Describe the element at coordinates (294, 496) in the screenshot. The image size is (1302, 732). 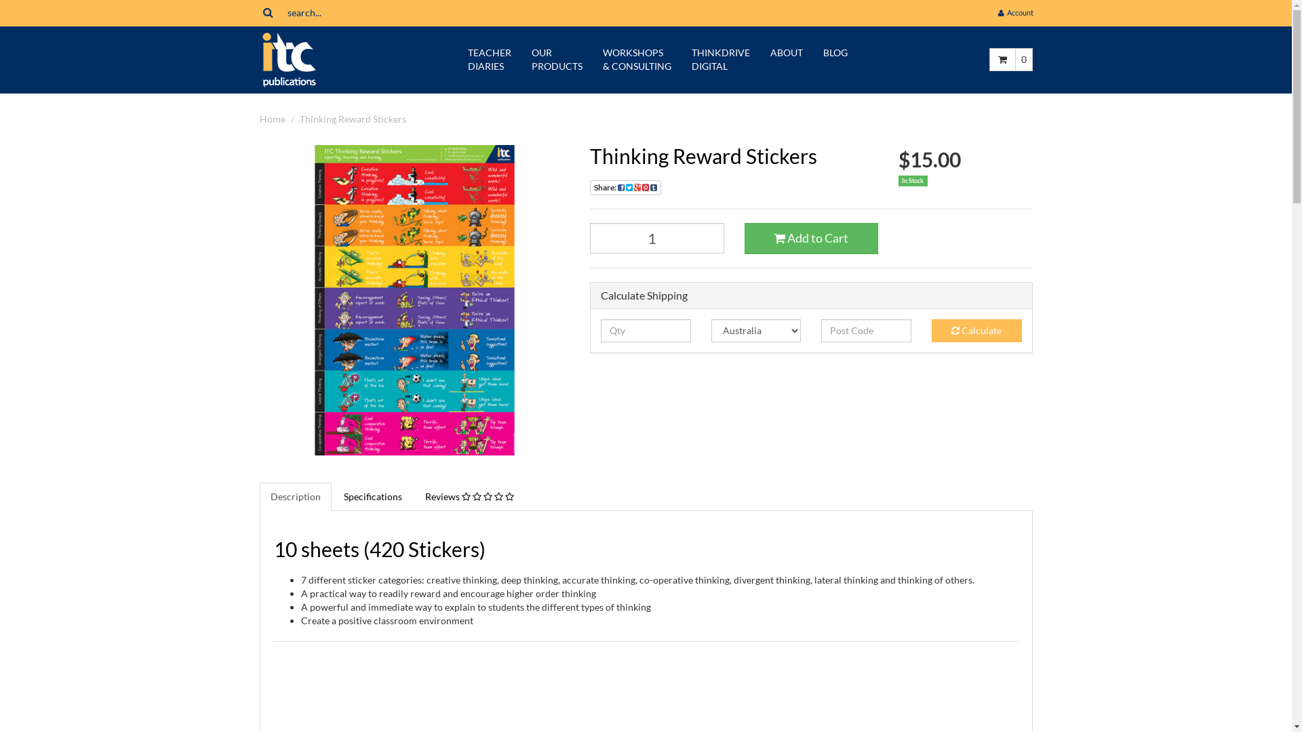
I see `'Description'` at that location.